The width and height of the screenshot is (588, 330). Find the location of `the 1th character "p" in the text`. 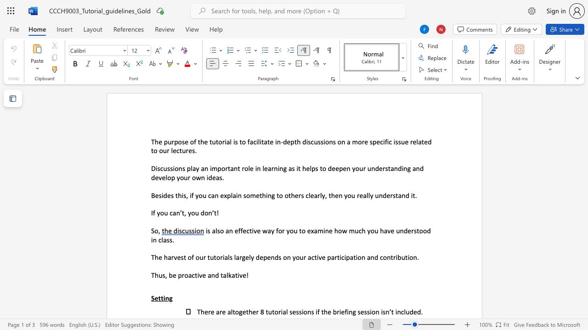

the 1th character "p" in the text is located at coordinates (165, 142).